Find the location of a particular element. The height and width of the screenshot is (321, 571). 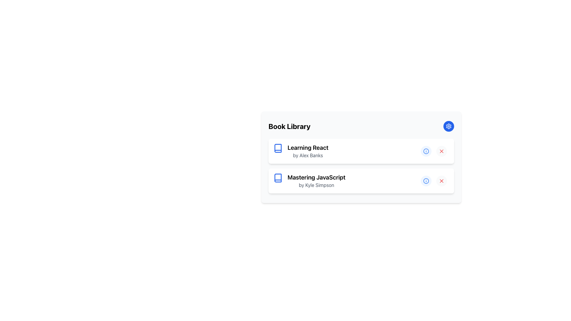

the text label displaying the author's name for the book 'Learning React', which is located directly below the book title and aligned to the left is located at coordinates (308, 155).